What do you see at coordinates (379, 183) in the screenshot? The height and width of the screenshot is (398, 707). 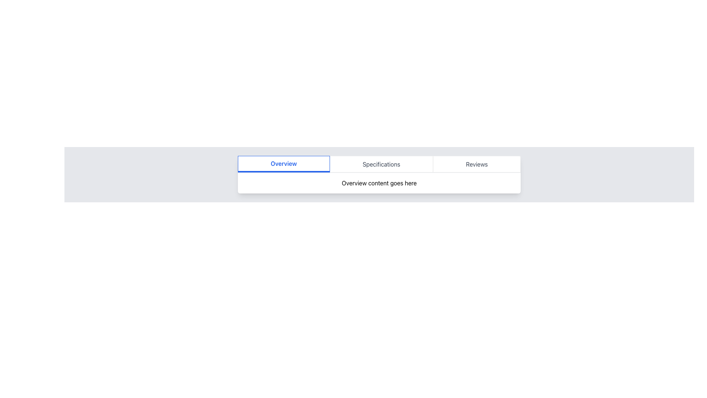 I see `the text block that displays information relevant to the 'Overview' tab, located below the navigation tabs such as 'Overview', 'Specifications', and 'Reviews'` at bounding box center [379, 183].